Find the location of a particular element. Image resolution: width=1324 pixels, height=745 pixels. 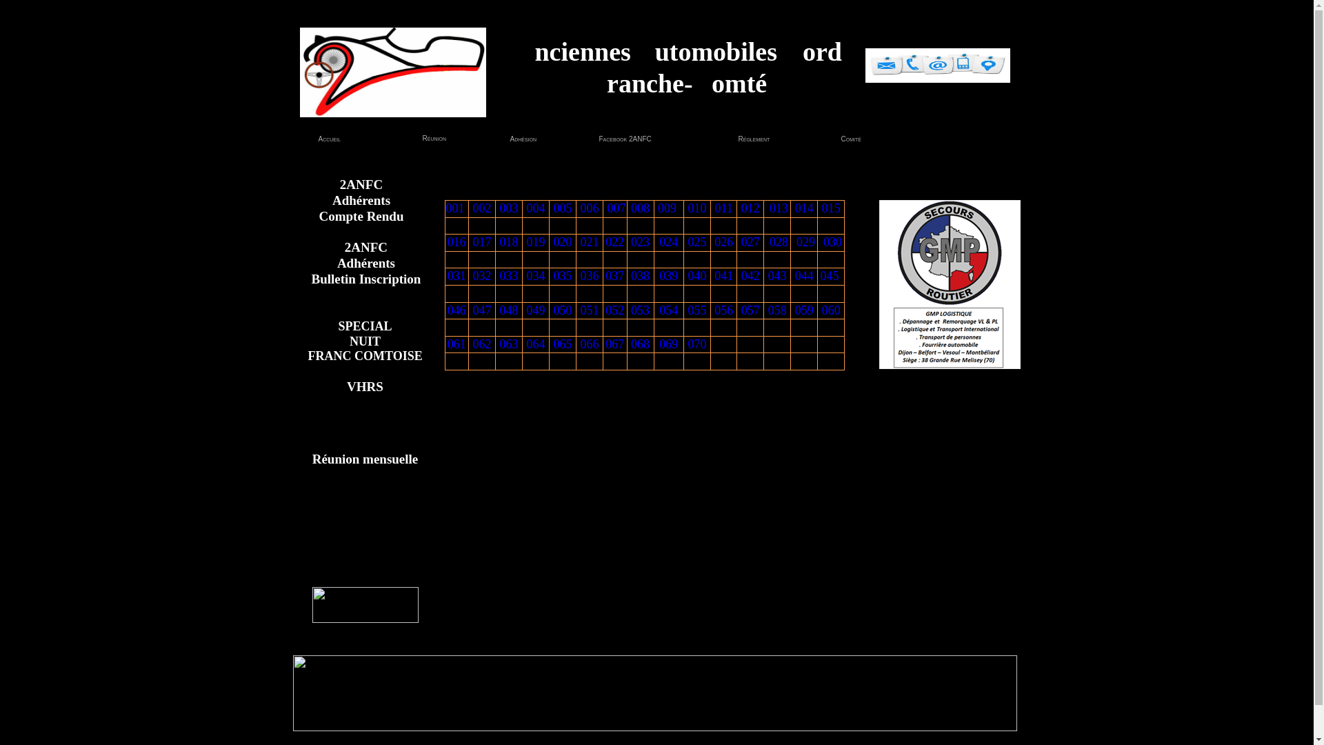

'048' is located at coordinates (508, 310).